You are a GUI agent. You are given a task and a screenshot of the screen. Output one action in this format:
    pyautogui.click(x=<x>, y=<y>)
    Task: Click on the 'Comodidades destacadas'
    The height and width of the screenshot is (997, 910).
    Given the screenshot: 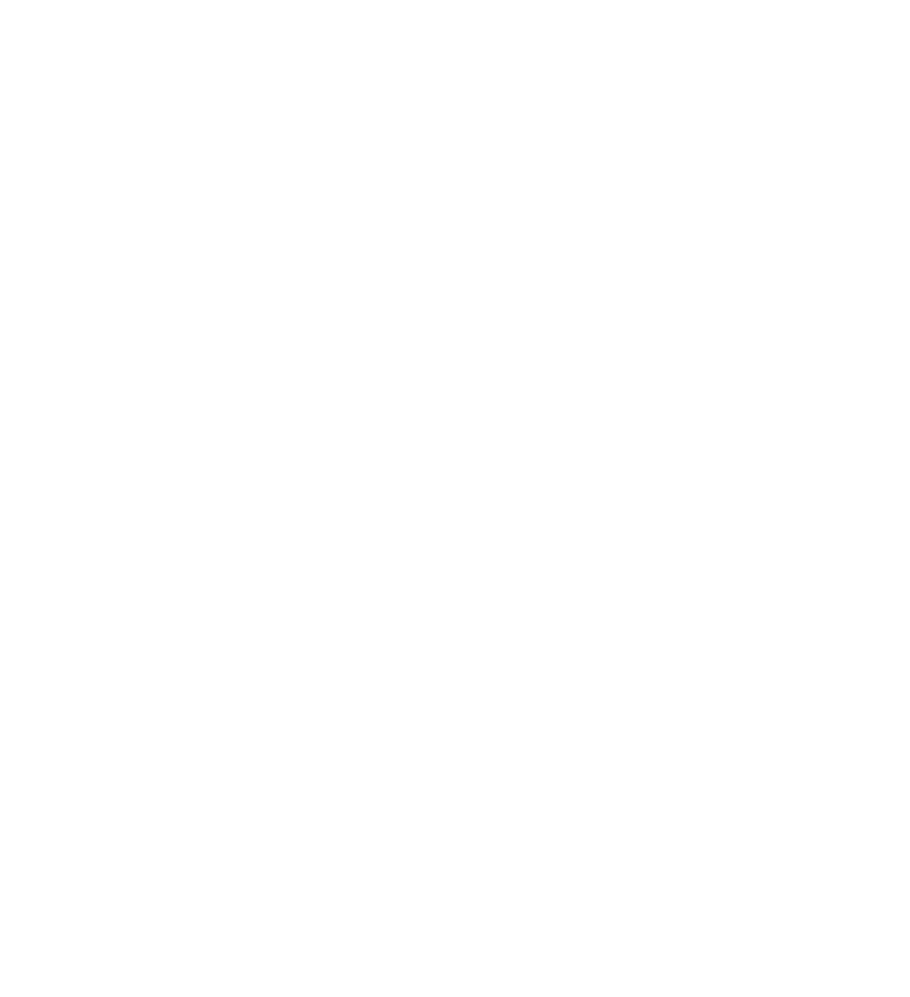 What is the action you would take?
    pyautogui.click(x=125, y=895)
    